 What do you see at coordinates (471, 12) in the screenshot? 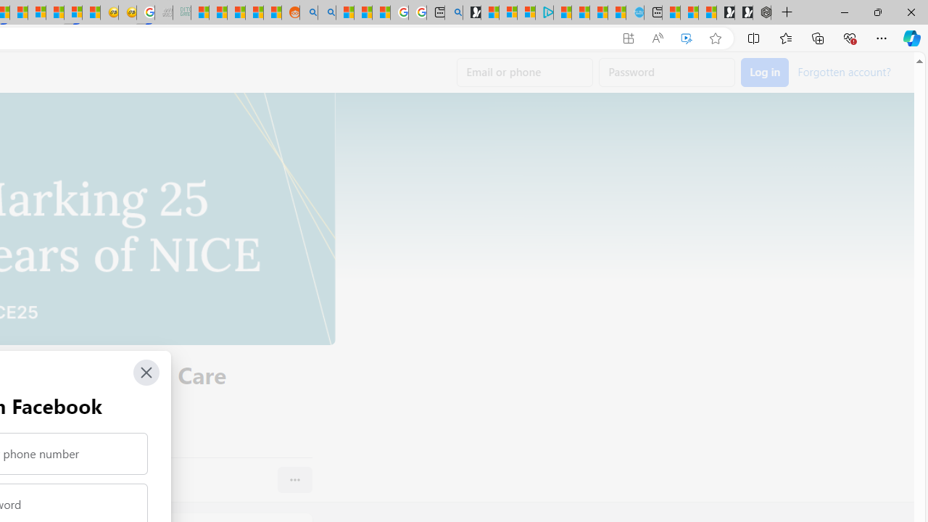
I see `'Microsoft Start Gaming'` at bounding box center [471, 12].